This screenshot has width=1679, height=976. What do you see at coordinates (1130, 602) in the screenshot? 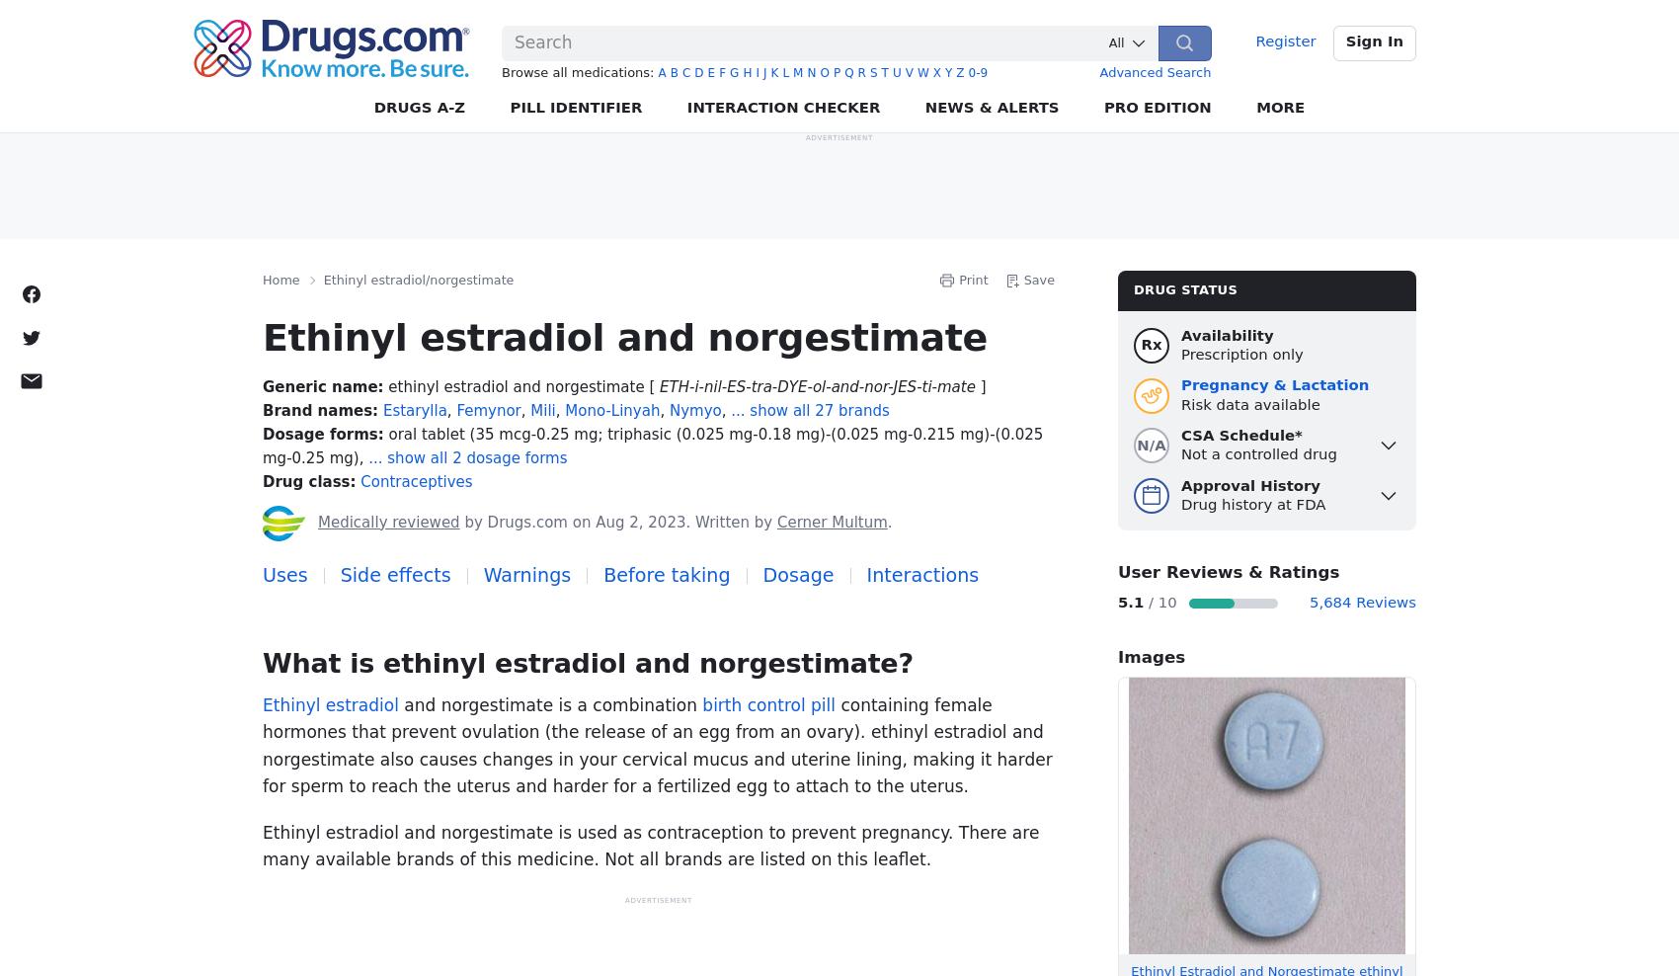
I see `'5.1'` at bounding box center [1130, 602].